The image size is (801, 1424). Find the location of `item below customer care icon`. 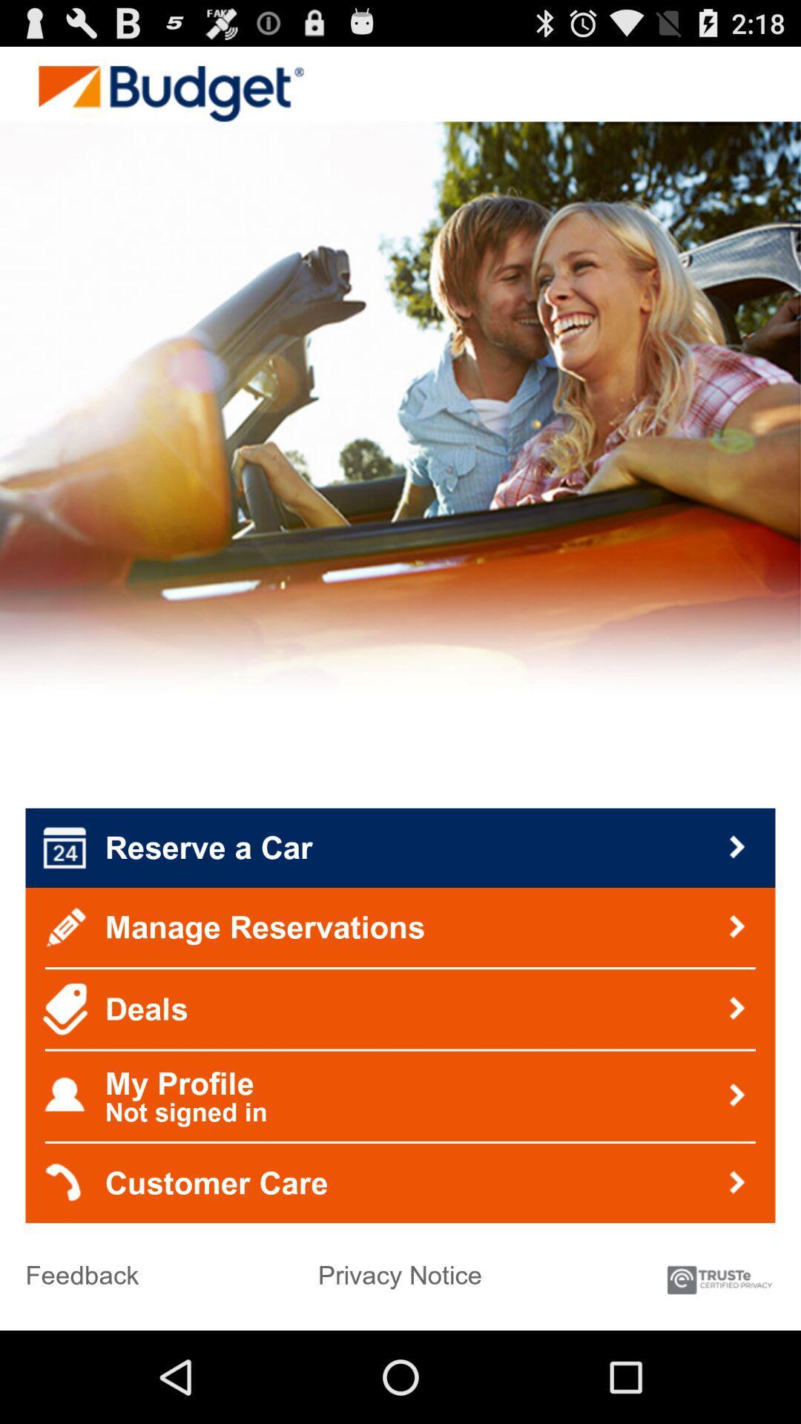

item below customer care icon is located at coordinates (399, 1268).